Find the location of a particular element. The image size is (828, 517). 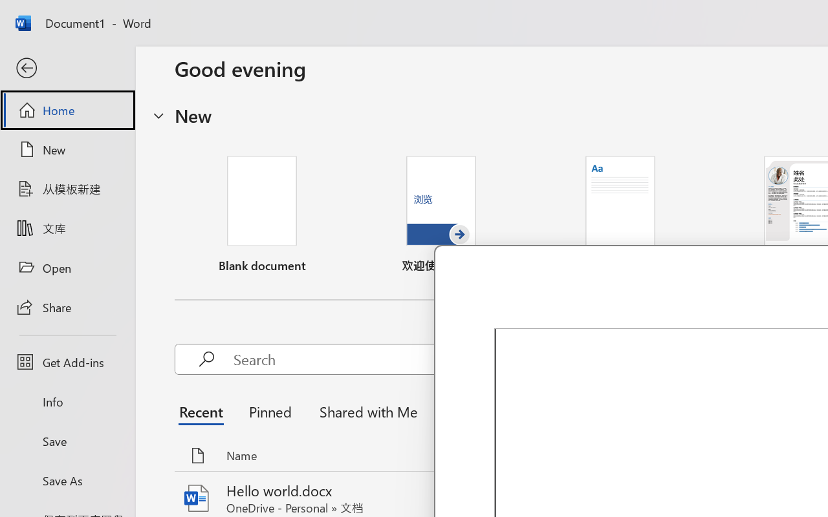

'New' is located at coordinates (67, 149).